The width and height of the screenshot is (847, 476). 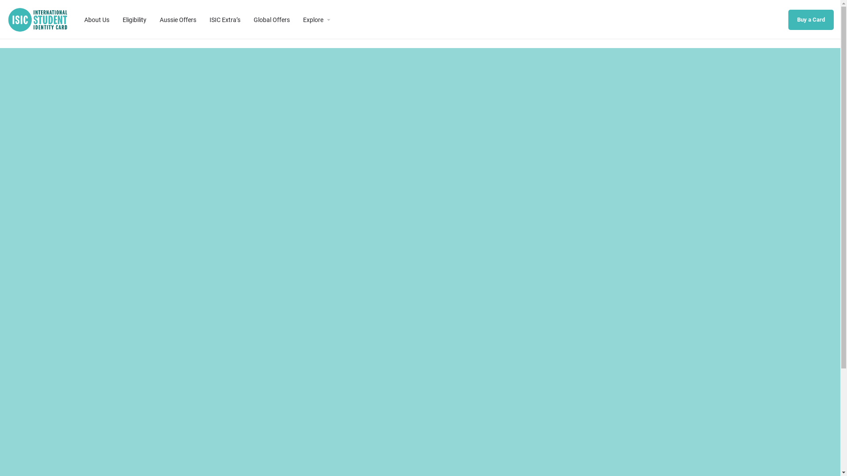 What do you see at coordinates (788, 20) in the screenshot?
I see `'Buy a Card'` at bounding box center [788, 20].